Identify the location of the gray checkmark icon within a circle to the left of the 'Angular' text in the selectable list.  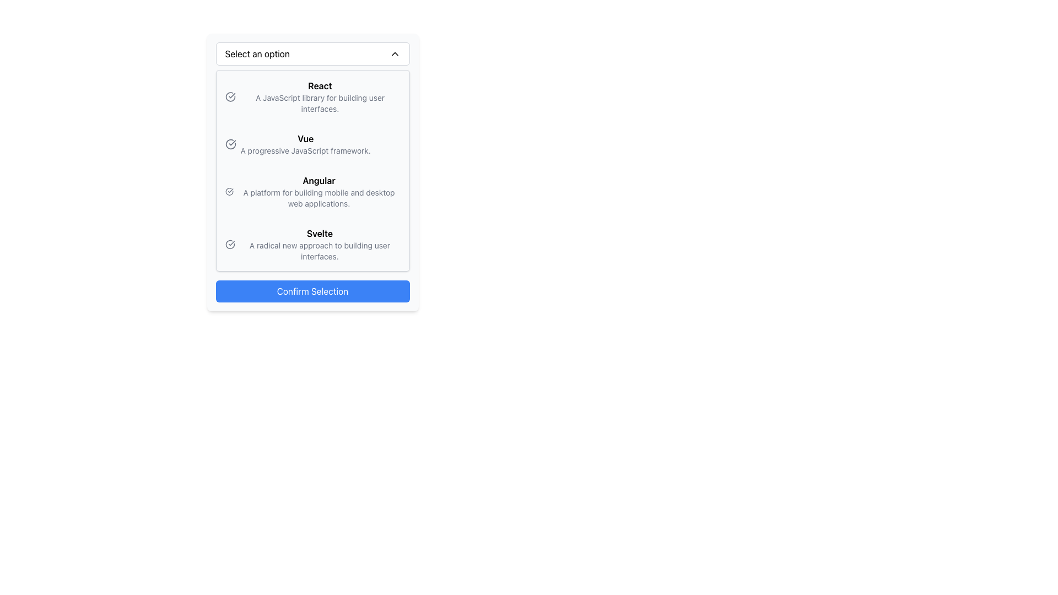
(229, 191).